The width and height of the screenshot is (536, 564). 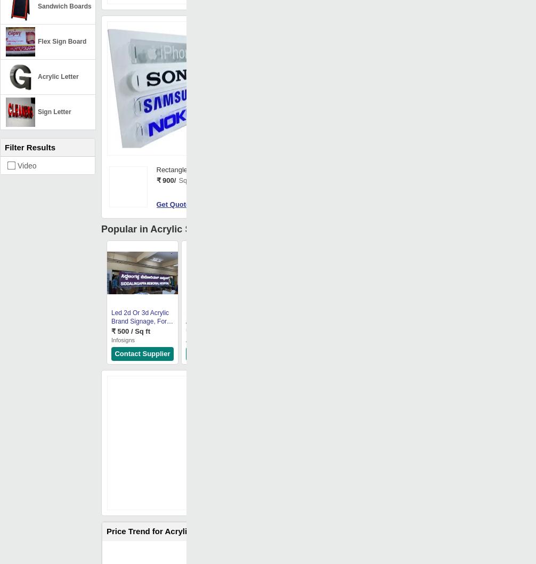 What do you see at coordinates (291, 321) in the screenshot?
I see `'Blue Round Acrylic logo, For Promotional, 2.5 mm'` at bounding box center [291, 321].